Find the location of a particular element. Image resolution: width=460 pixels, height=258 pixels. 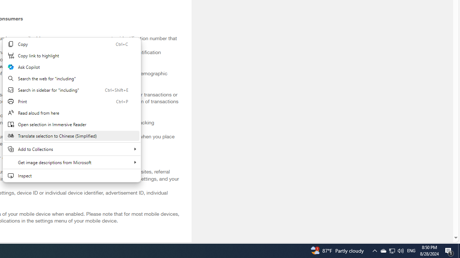

'Web context' is located at coordinates (72, 110).